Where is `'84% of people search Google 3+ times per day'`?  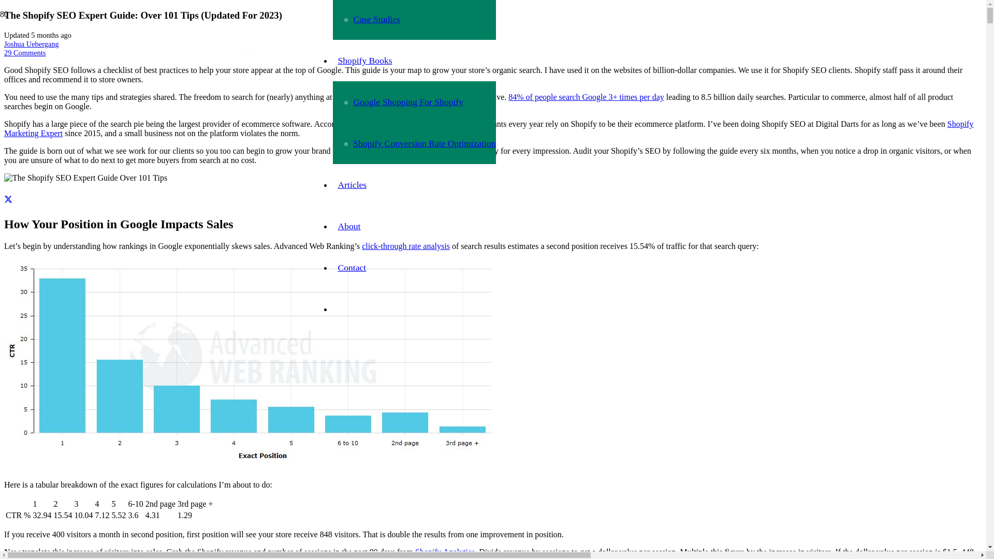 '84% of people search Google 3+ times per day' is located at coordinates (508, 97).